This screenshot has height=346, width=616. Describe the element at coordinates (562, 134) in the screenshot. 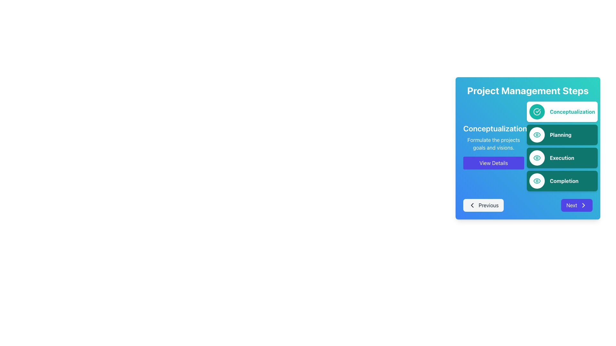

I see `the 'Planning' button with a teal background and an eyeball icon` at that location.